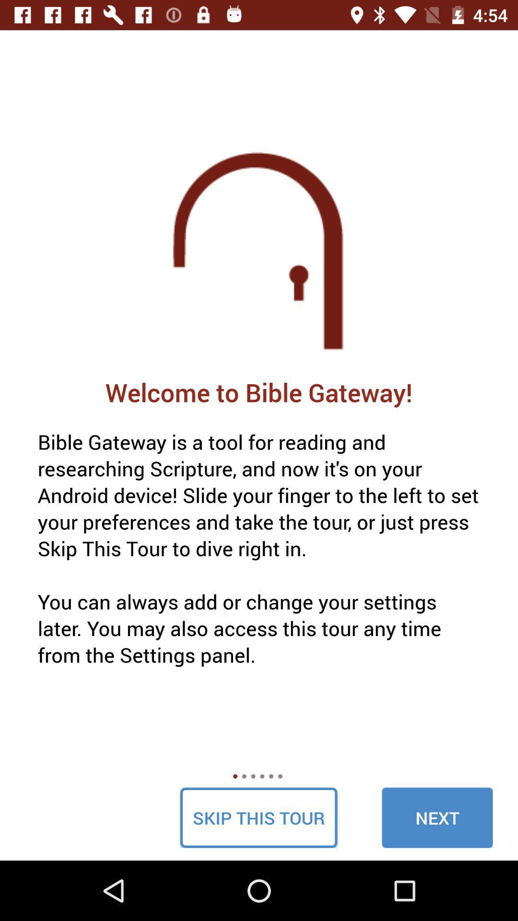 Image resolution: width=518 pixels, height=921 pixels. Describe the element at coordinates (258, 817) in the screenshot. I see `the skip this tour icon` at that location.